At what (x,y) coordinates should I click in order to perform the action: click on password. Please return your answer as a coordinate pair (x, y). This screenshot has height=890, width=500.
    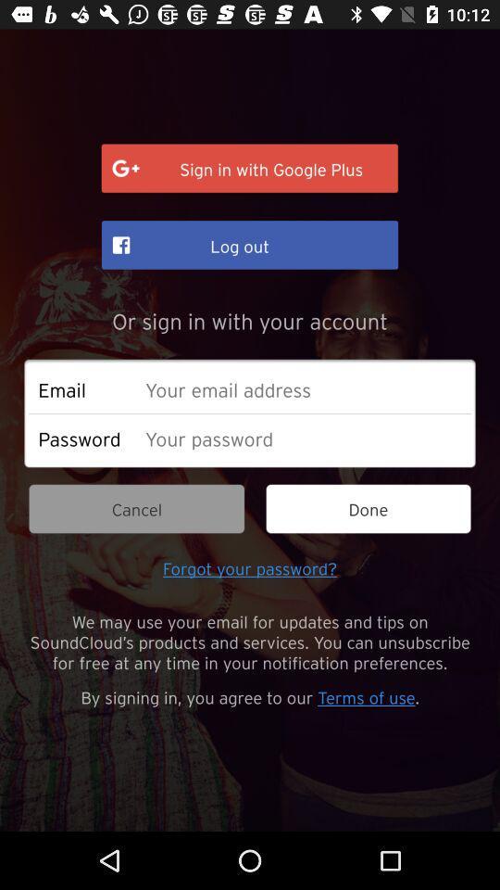
    Looking at the image, I should click on (303, 438).